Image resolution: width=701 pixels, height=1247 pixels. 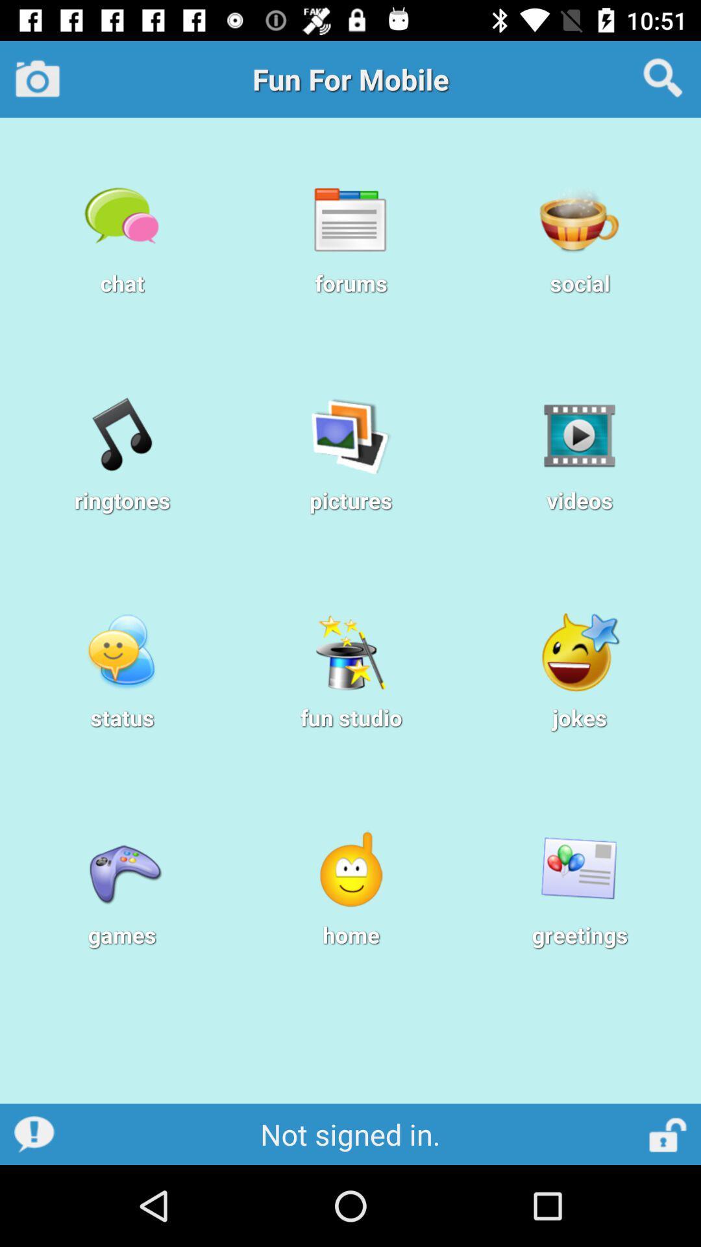 What do you see at coordinates (669, 1133) in the screenshot?
I see `the app next to not signed in. item` at bounding box center [669, 1133].